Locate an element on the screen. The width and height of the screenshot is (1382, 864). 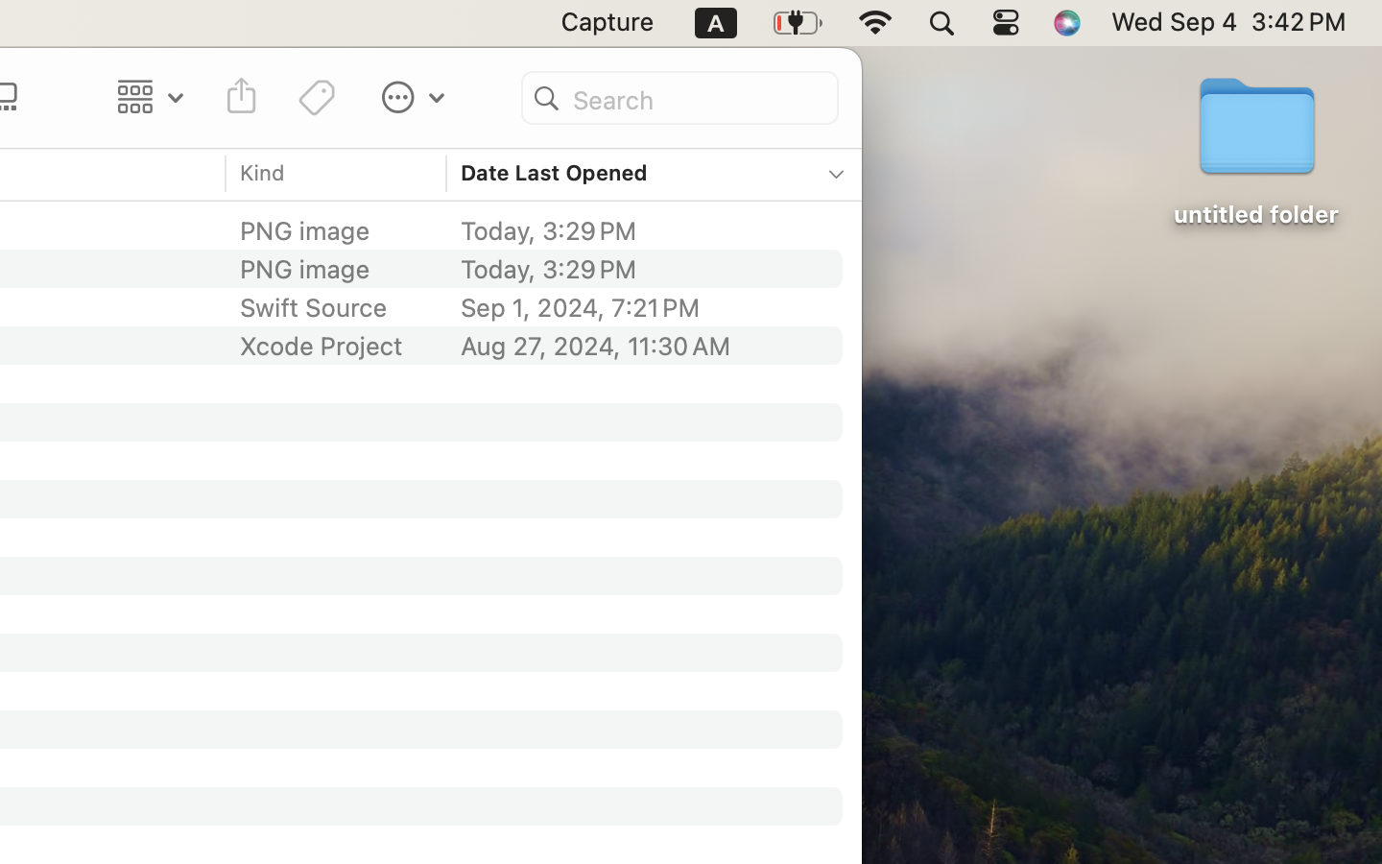
'Today, 3:29 PM' is located at coordinates (639, 267).